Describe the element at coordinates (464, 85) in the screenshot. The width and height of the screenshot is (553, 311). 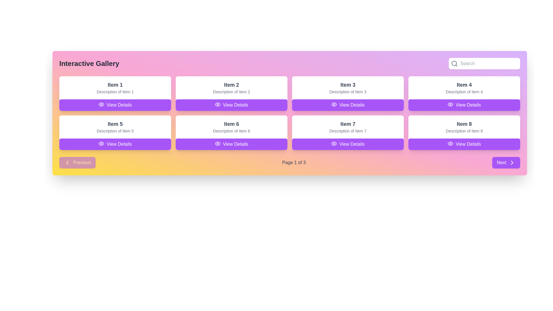
I see `the text label at the top center of the card identified as 'Item 4', which serves as the title for the card` at that location.